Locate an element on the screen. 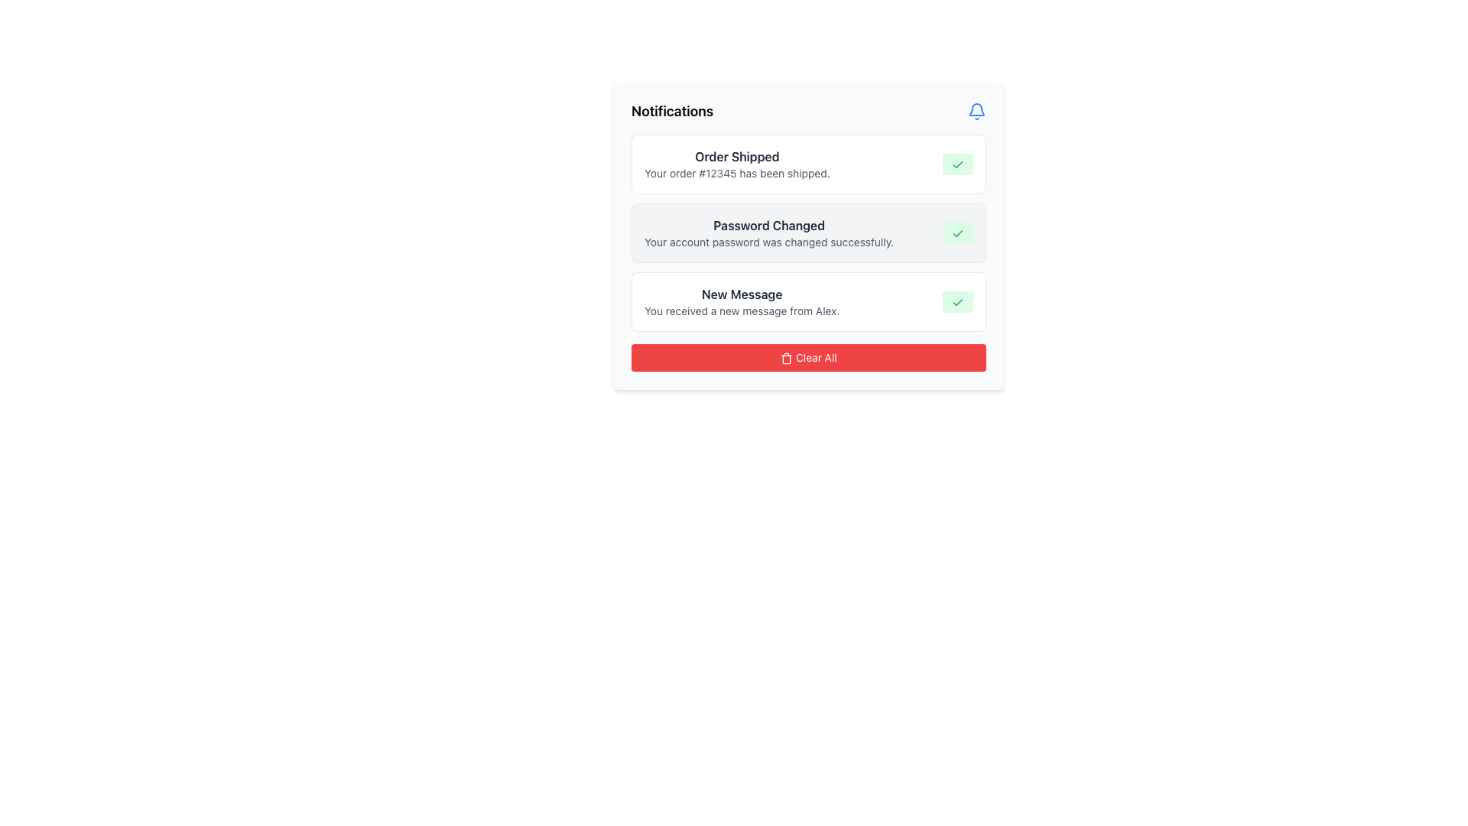  the light gray notification box with rounded corners titled 'Password Changed' is located at coordinates (807, 236).